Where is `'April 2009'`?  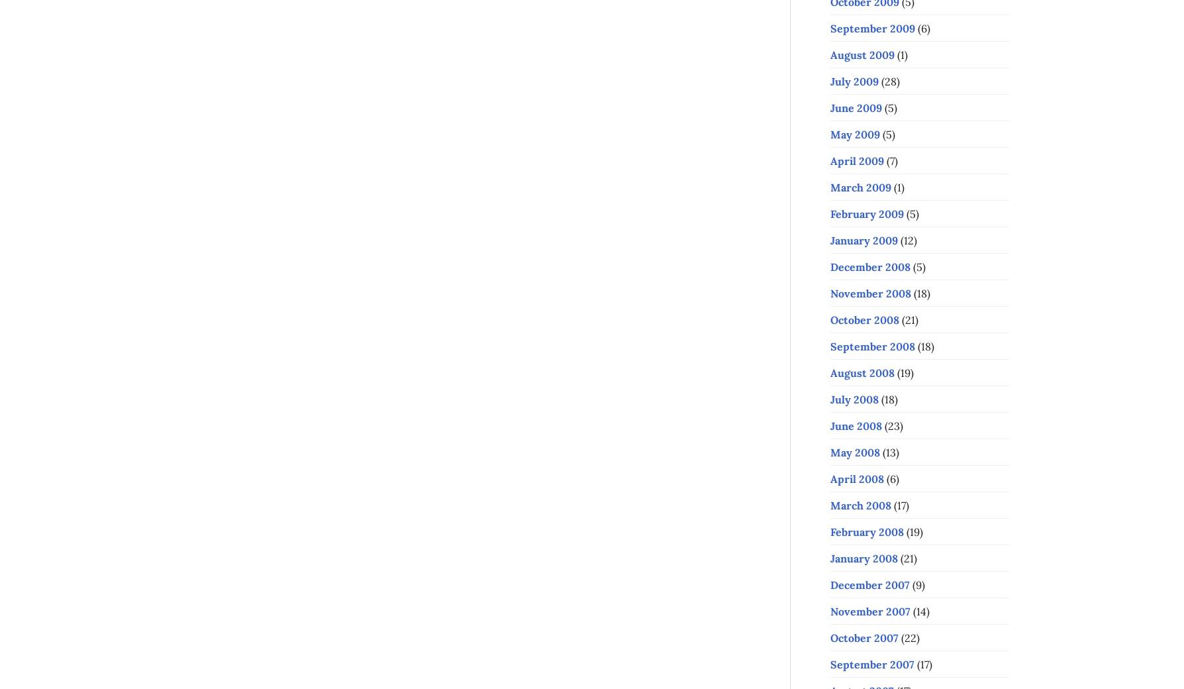 'April 2009' is located at coordinates (856, 160).